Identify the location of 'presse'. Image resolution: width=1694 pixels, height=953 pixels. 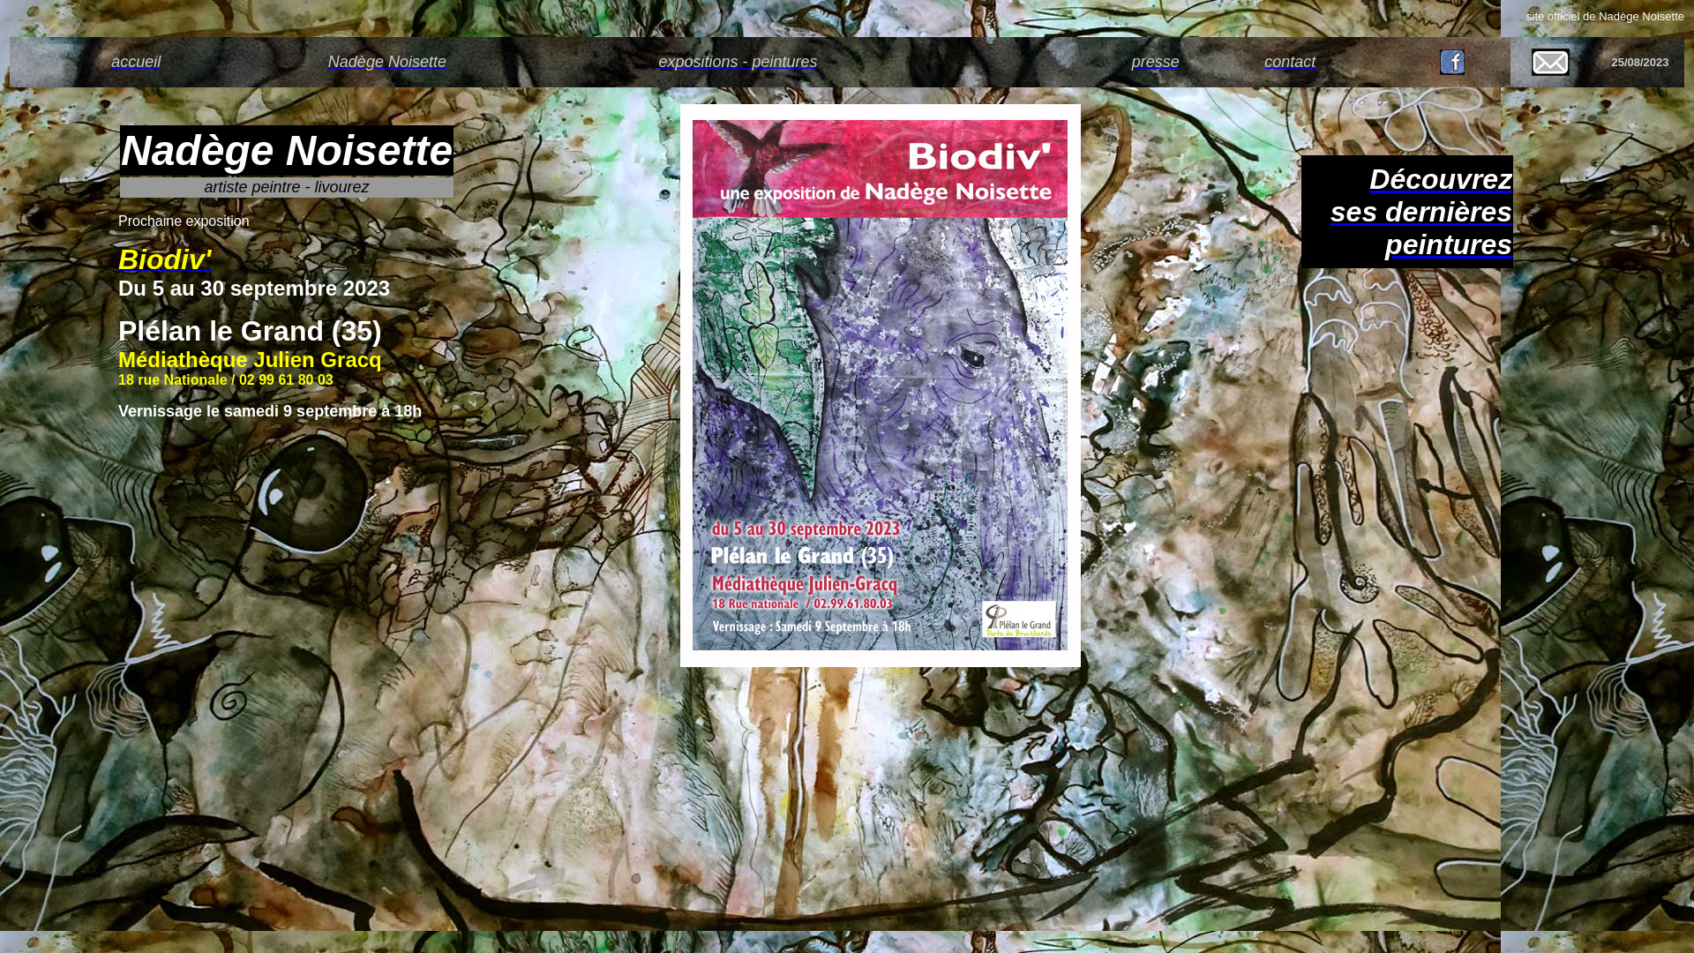
(1156, 60).